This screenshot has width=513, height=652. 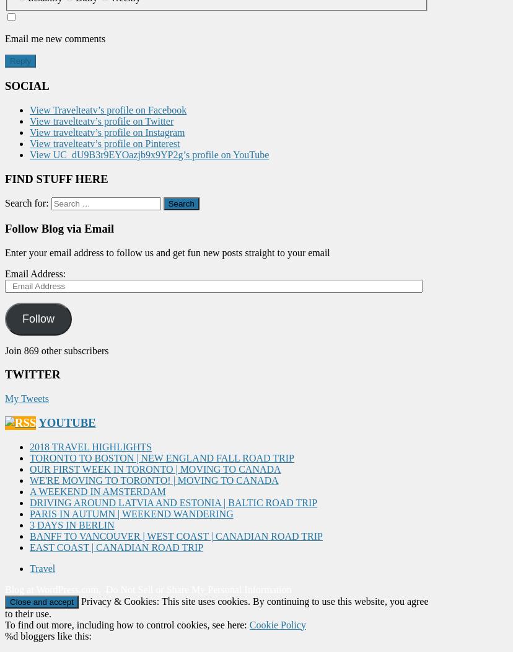 I want to click on 'Privacy & Cookies: This site uses cookies. By continuing to use this website, you agree to their use.', so click(x=5, y=607).